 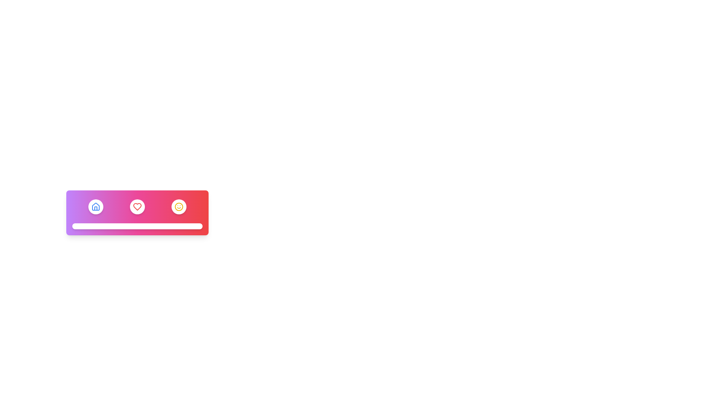 What do you see at coordinates (137, 206) in the screenshot?
I see `the heart icon located centrally on the bottom bar of the interface` at bounding box center [137, 206].